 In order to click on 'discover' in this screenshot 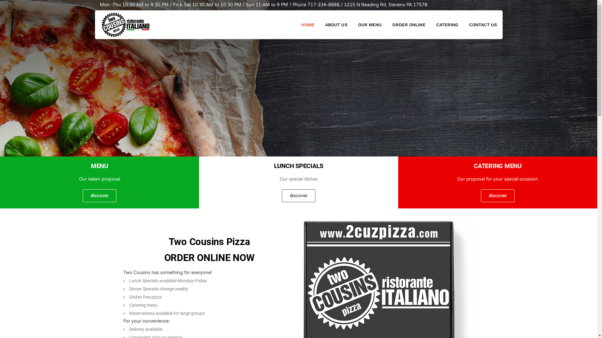, I will do `click(99, 195)`.